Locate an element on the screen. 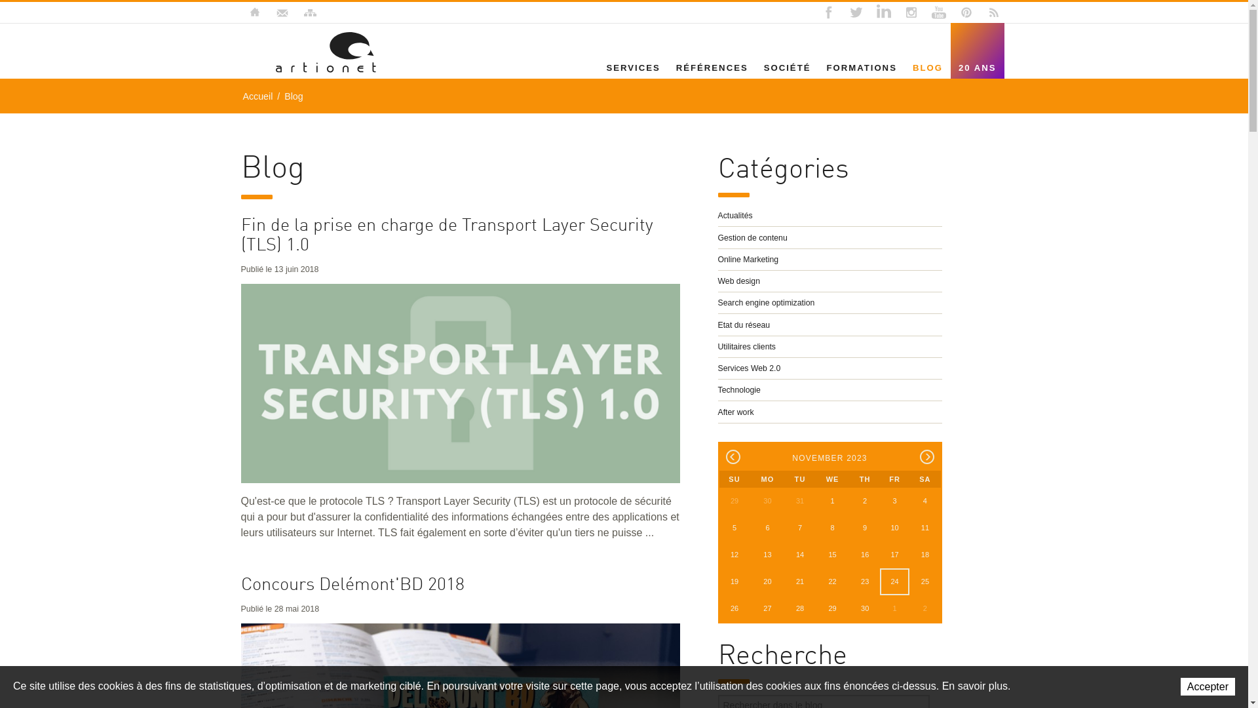  'Linkedin' is located at coordinates (872, 12).